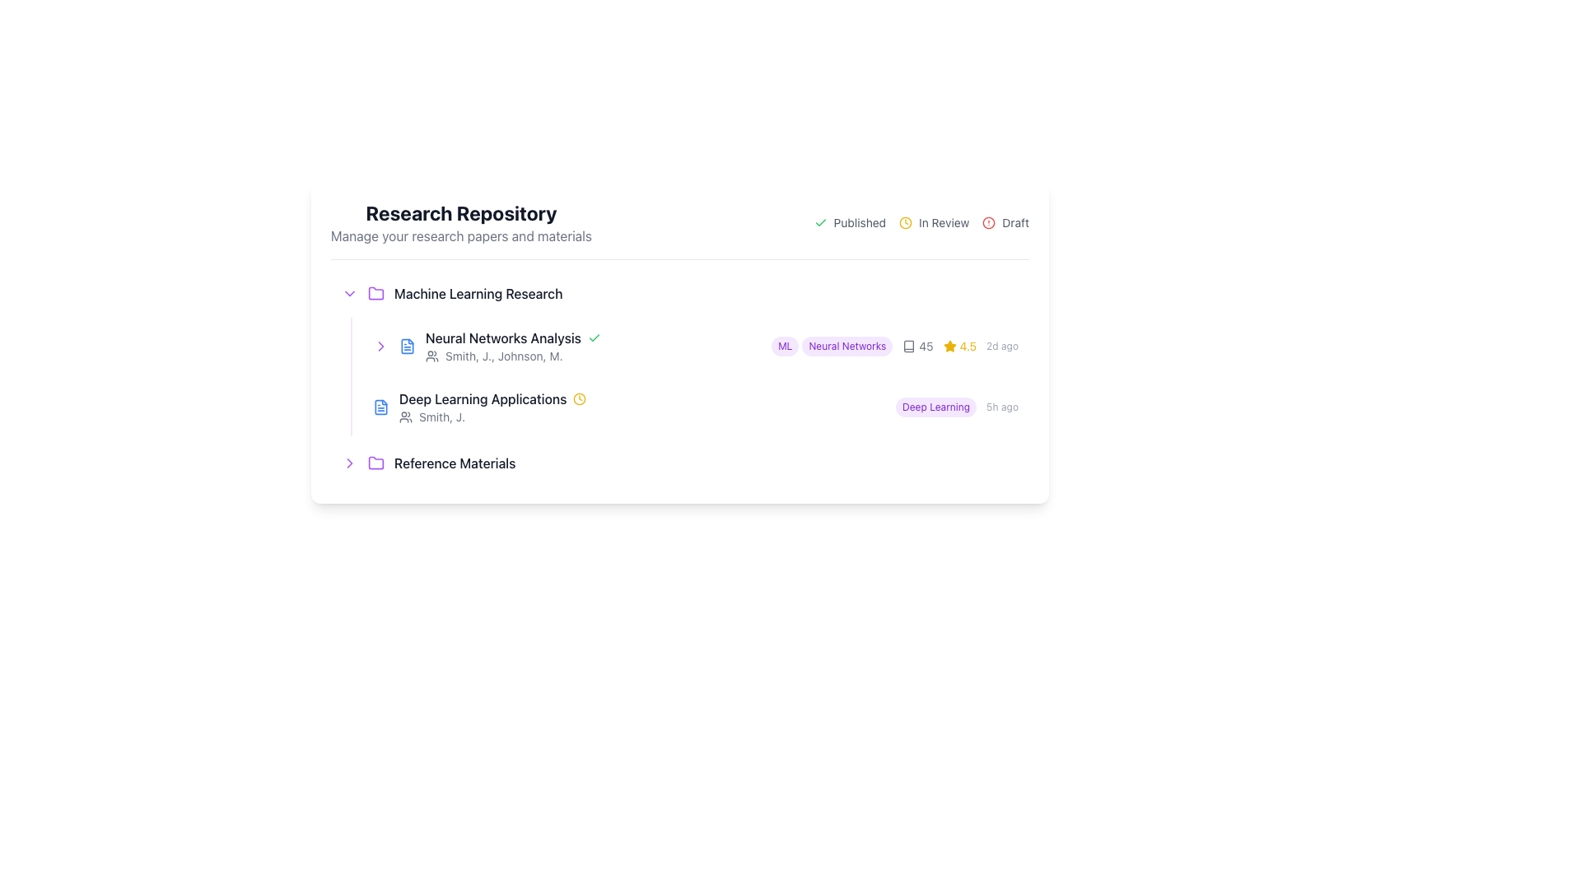  Describe the element at coordinates (349, 463) in the screenshot. I see `the visual indicator located to the left of the 'Reference Materials' item in the 'Research Repository' section` at that location.